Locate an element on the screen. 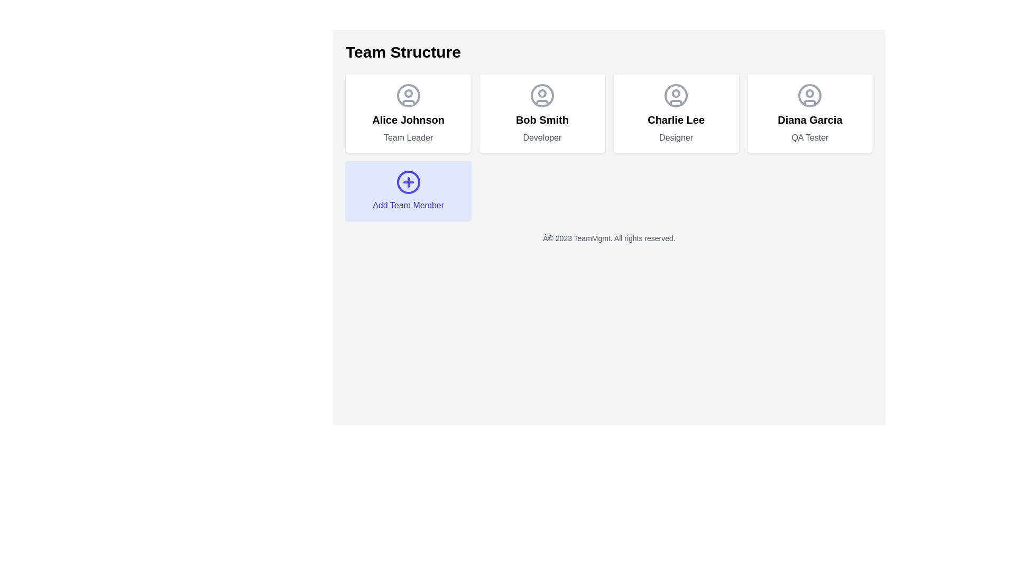 This screenshot has width=1015, height=571. 'Designer' label located below the name 'Charlie Lee' in the third card of the 'Team Structure' panel is located at coordinates (676, 137).